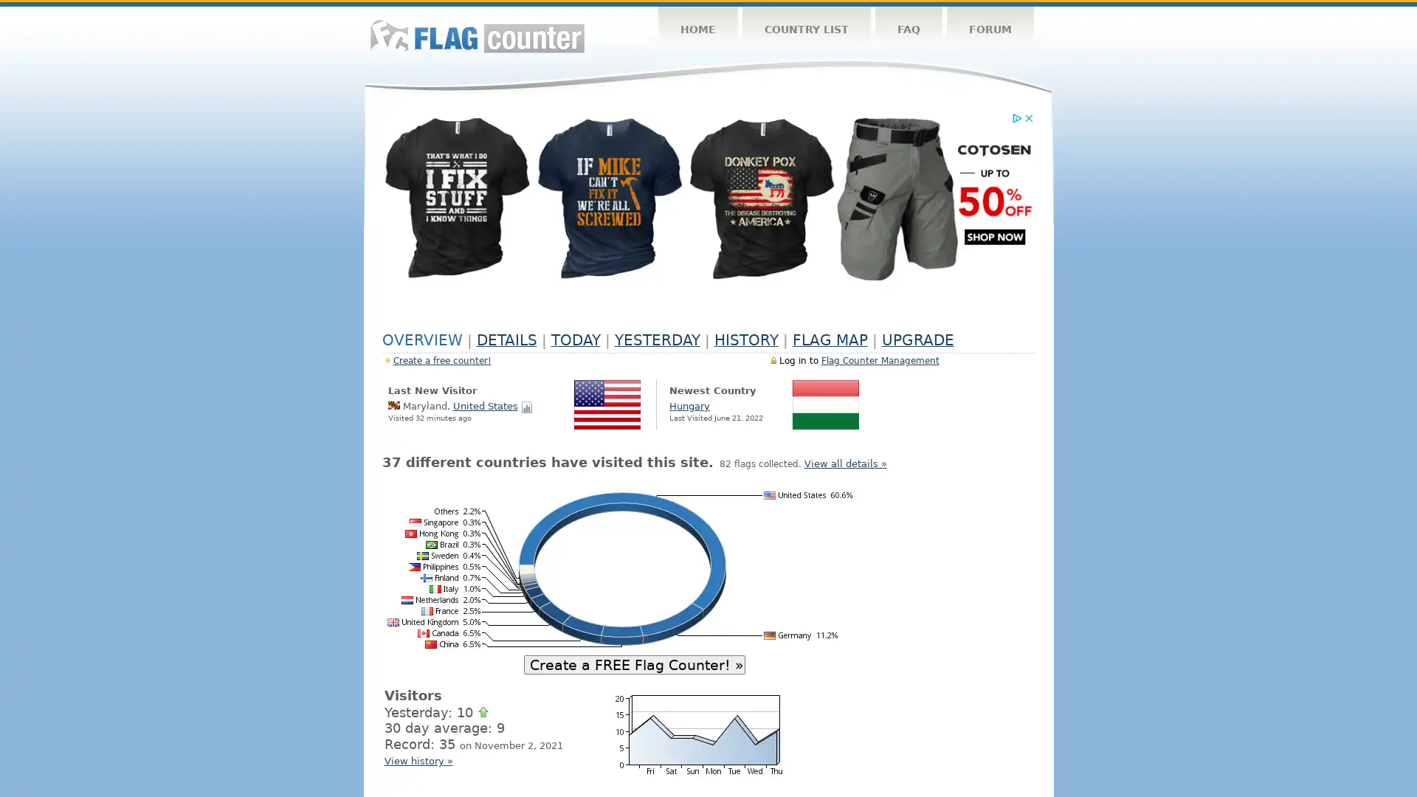  Describe the element at coordinates (634, 663) in the screenshot. I see `Create a FREE Flag Counter!` at that location.